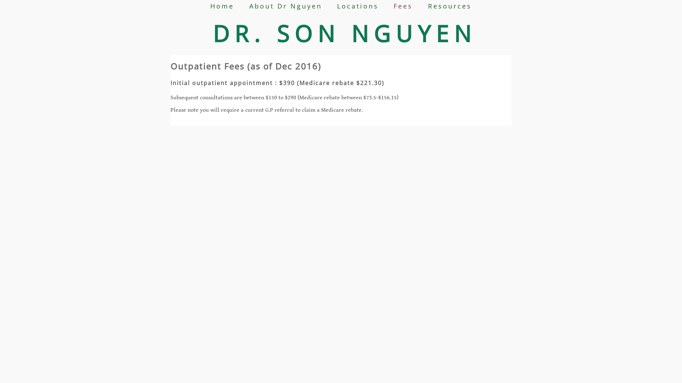 The width and height of the screenshot is (682, 383). I want to click on 'Fees', so click(403, 6).